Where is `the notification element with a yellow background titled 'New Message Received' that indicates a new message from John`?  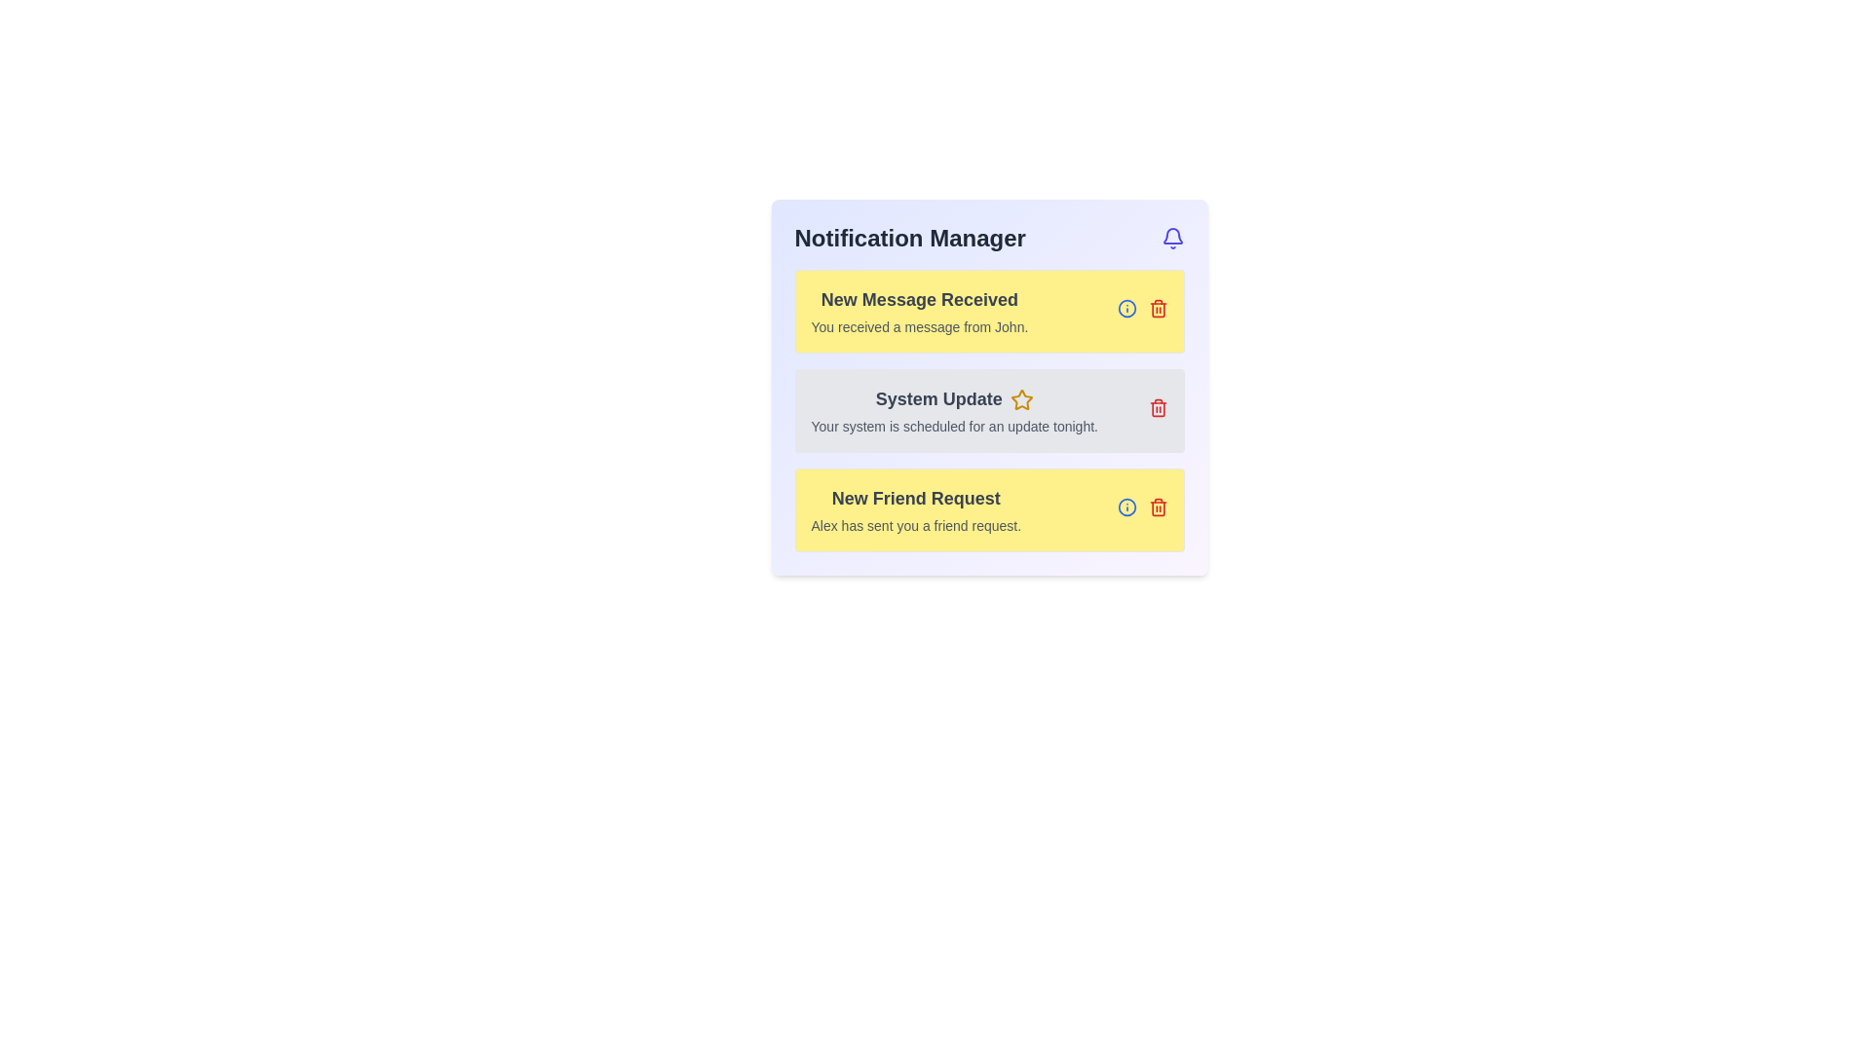
the notification element with a yellow background titled 'New Message Received' that indicates a new message from John is located at coordinates (989, 311).